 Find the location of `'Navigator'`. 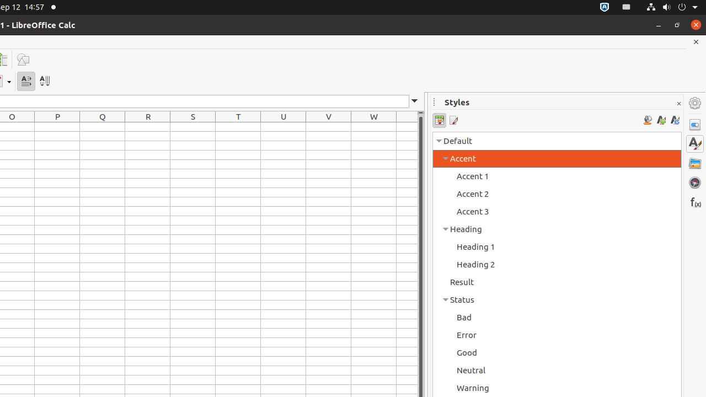

'Navigator' is located at coordinates (694, 181).